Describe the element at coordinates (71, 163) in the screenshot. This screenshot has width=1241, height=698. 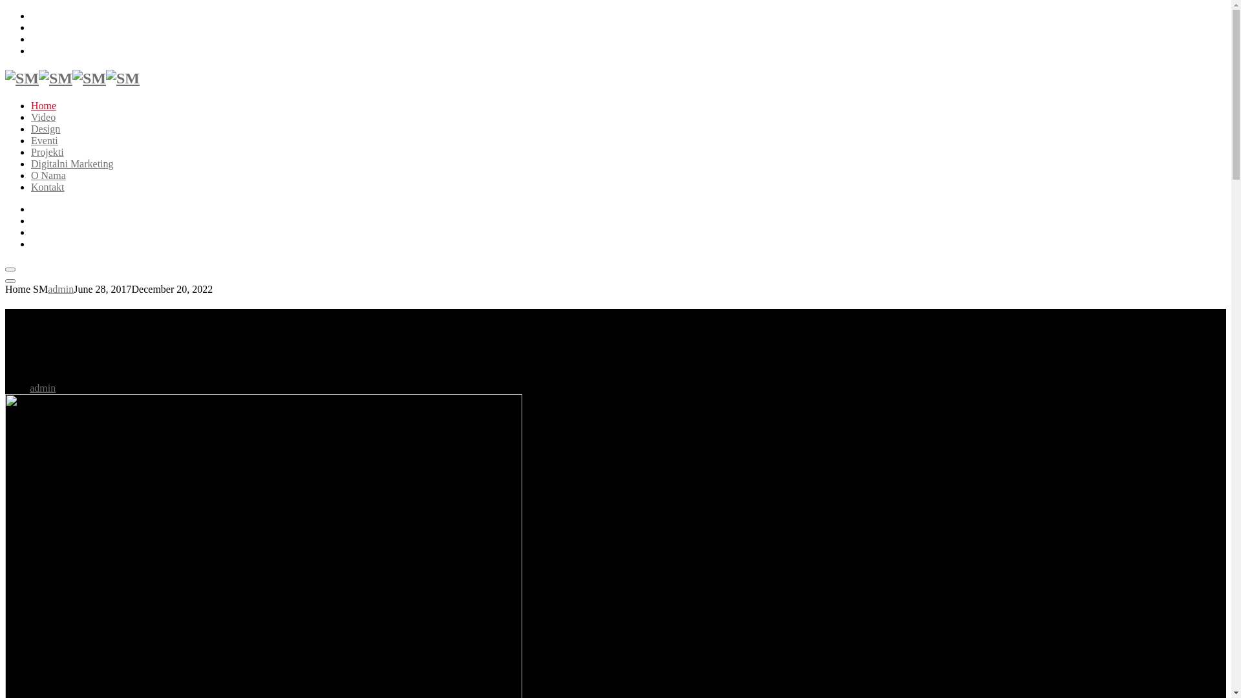
I see `'Digitalni Marketing'` at that location.